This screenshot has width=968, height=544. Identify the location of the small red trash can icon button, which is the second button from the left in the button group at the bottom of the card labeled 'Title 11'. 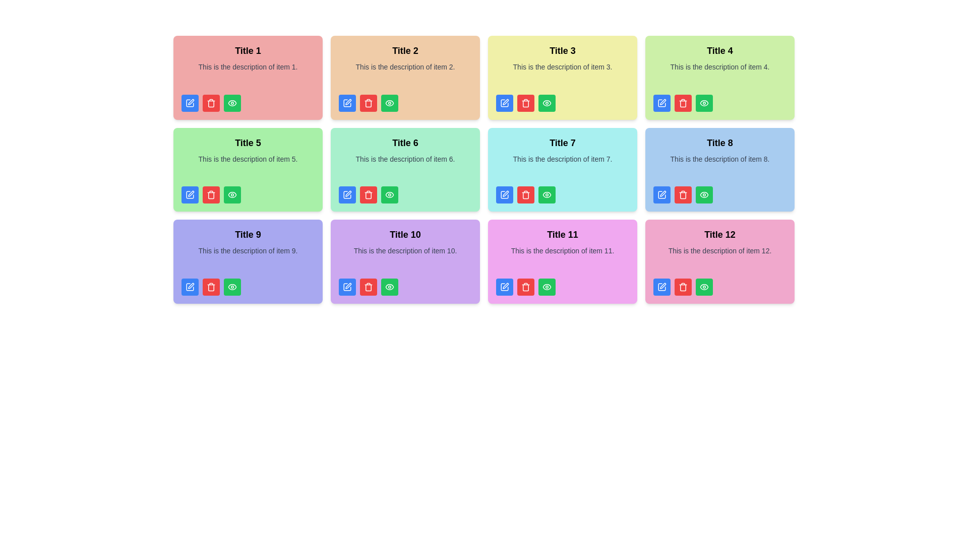
(525, 287).